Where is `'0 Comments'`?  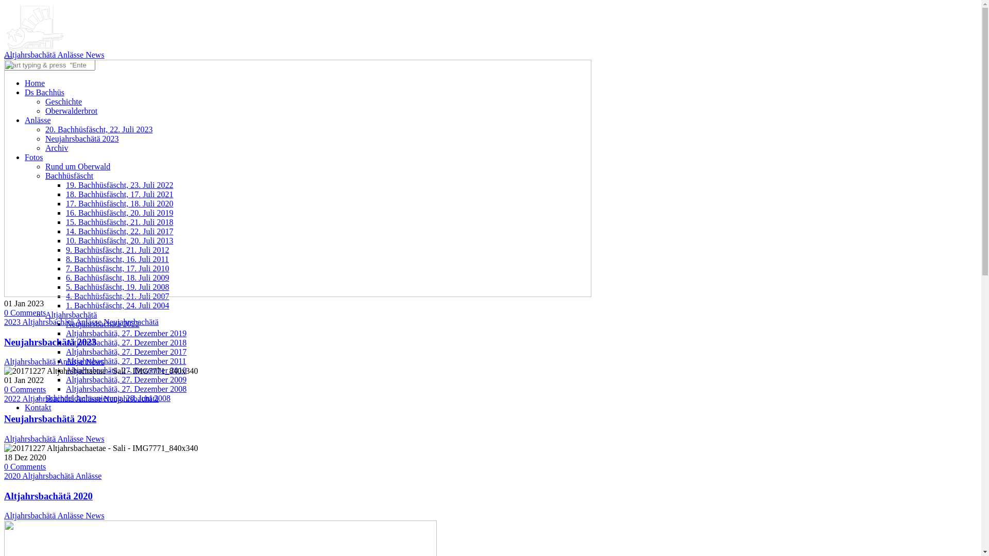
'0 Comments' is located at coordinates (25, 312).